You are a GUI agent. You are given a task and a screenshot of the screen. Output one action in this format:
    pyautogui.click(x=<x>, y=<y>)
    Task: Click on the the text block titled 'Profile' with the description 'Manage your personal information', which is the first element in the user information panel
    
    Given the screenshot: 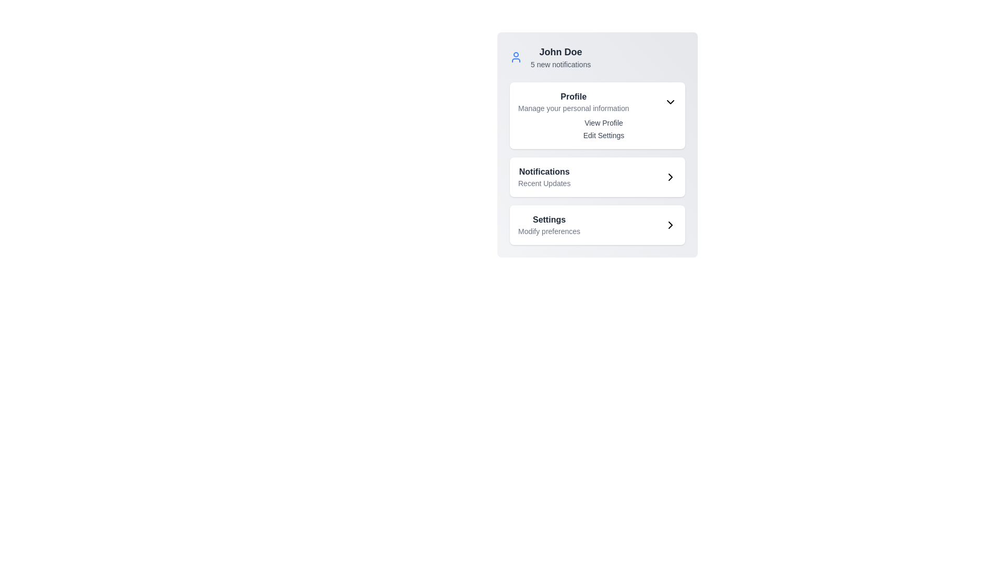 What is the action you would take?
    pyautogui.click(x=573, y=102)
    